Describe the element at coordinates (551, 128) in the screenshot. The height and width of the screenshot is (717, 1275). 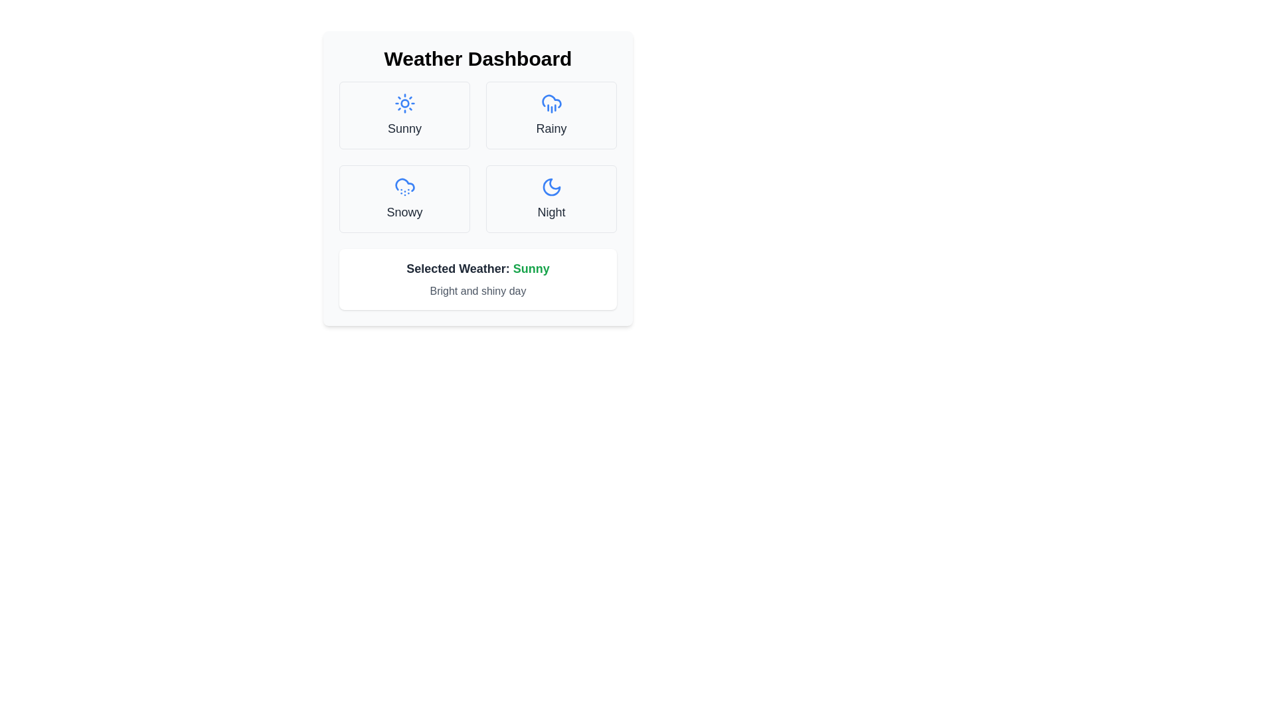
I see `the 'Rainy' weather option label within the Weather Dashboard interface, which is positioned in the second column of the first row in a 2x2 grid` at that location.